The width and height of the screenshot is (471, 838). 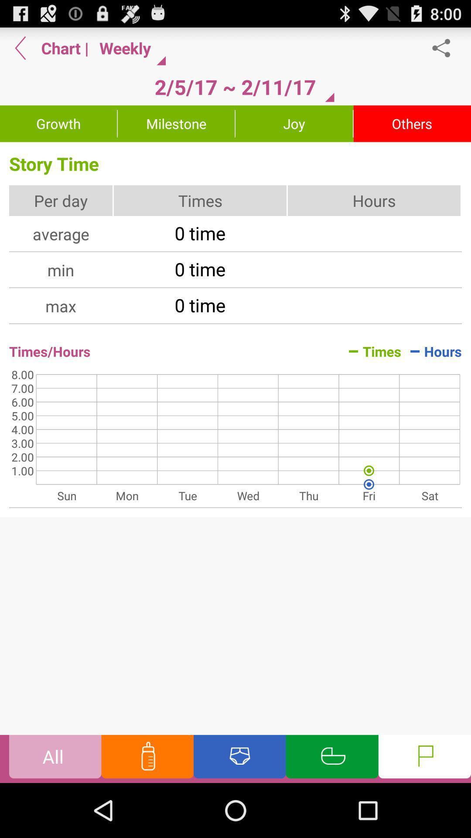 What do you see at coordinates (147, 758) in the screenshot?
I see `feeding` at bounding box center [147, 758].